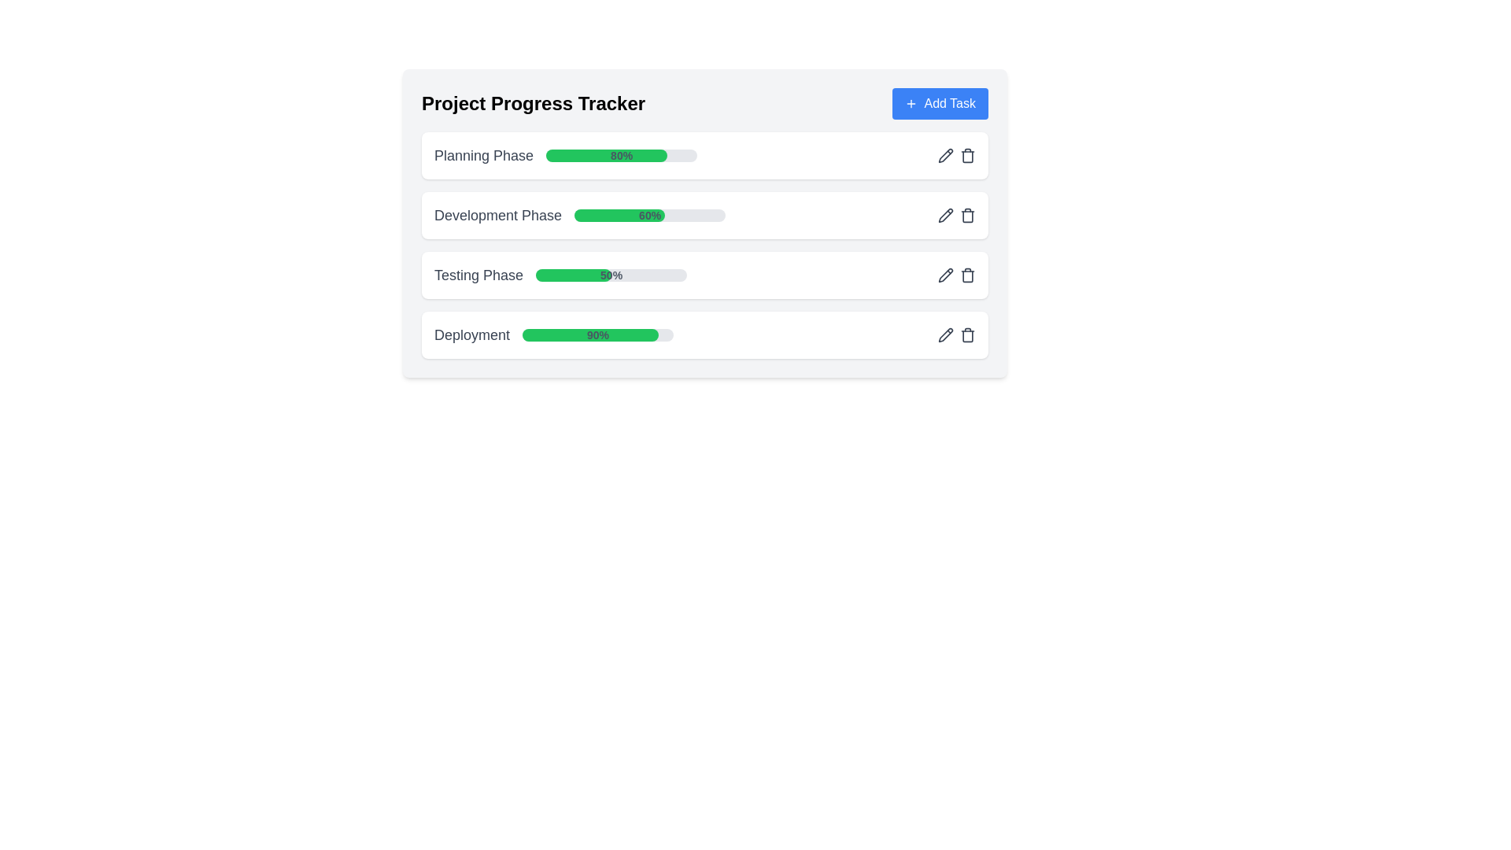 This screenshot has height=850, width=1511. I want to click on the body of the trash can icon, which is the last clickable element in the 'Planning Phase' row, so click(966, 157).